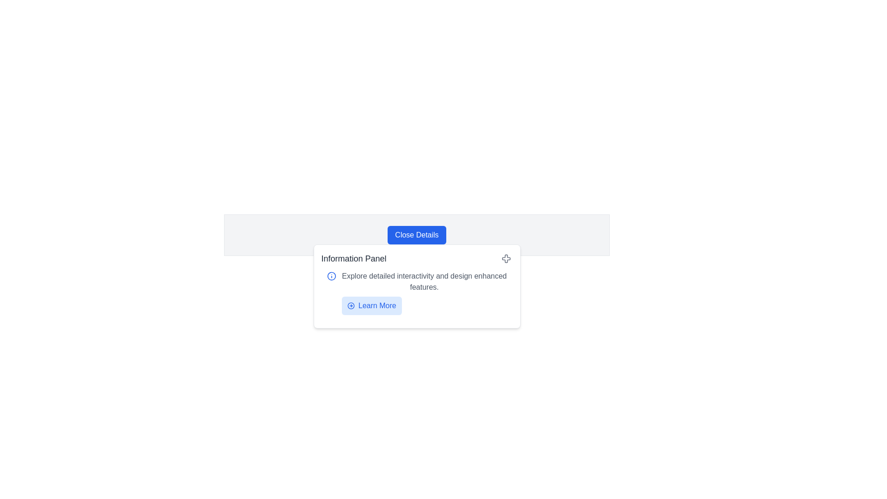 This screenshot has width=887, height=499. Describe the element at coordinates (350, 306) in the screenshot. I see `the circular icon with a right-pointing arrow located inside the 'Learn More' button, which is positioned below the 'Information Panel' description box` at that location.